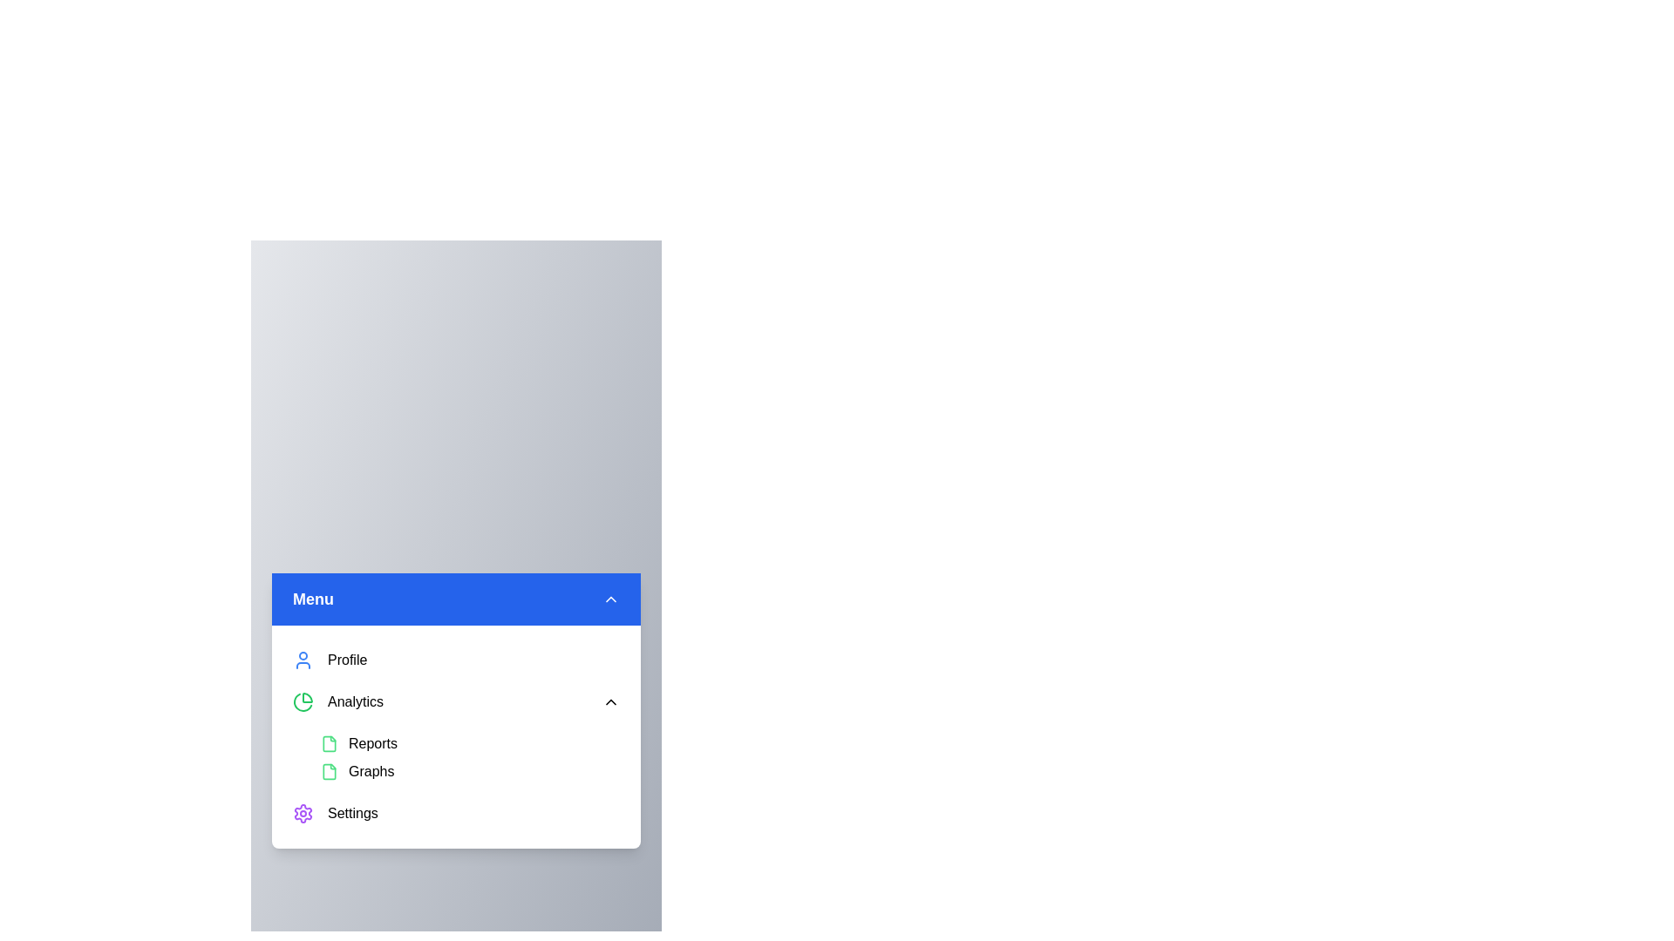 The height and width of the screenshot is (941, 1674). What do you see at coordinates (477, 743) in the screenshot?
I see `the 'Reports' menu item button located` at bounding box center [477, 743].